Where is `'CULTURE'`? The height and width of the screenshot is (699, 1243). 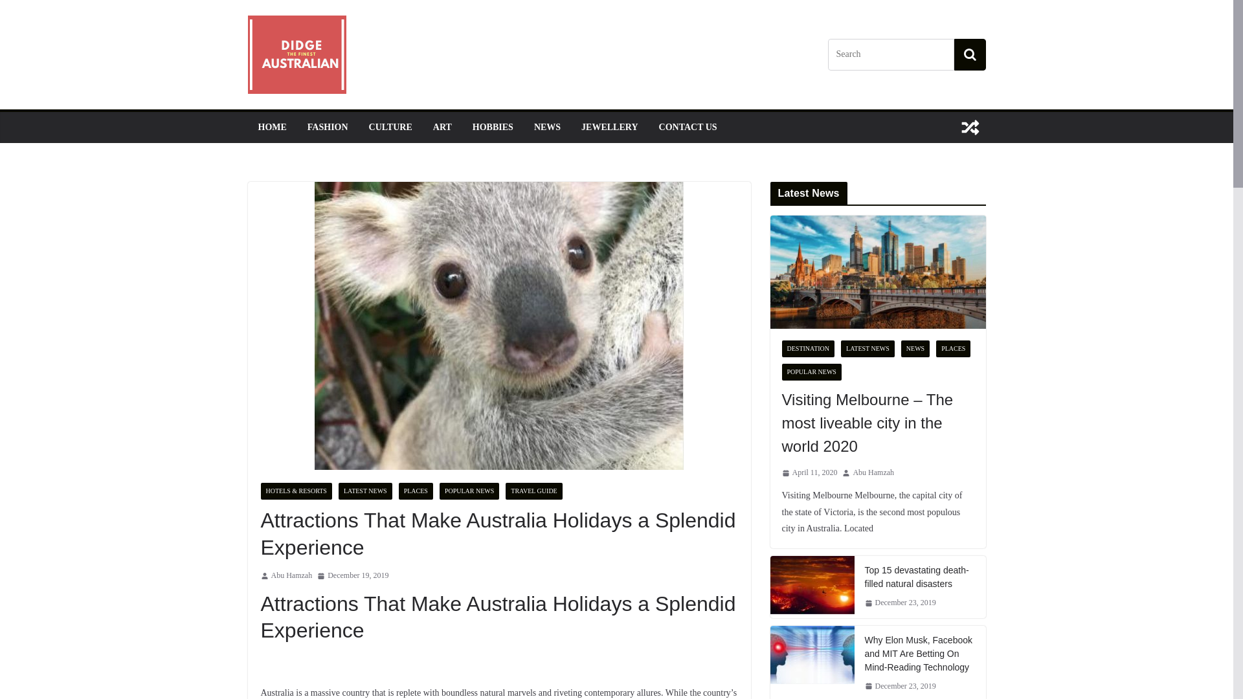 'CULTURE' is located at coordinates (368, 127).